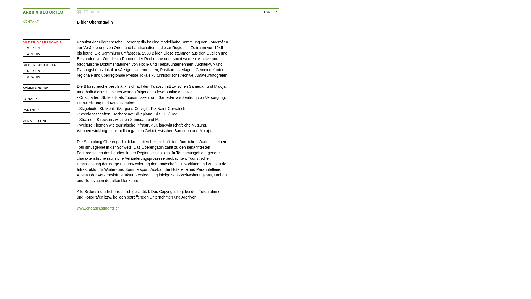  I want to click on 'SERIEN', so click(33, 70).